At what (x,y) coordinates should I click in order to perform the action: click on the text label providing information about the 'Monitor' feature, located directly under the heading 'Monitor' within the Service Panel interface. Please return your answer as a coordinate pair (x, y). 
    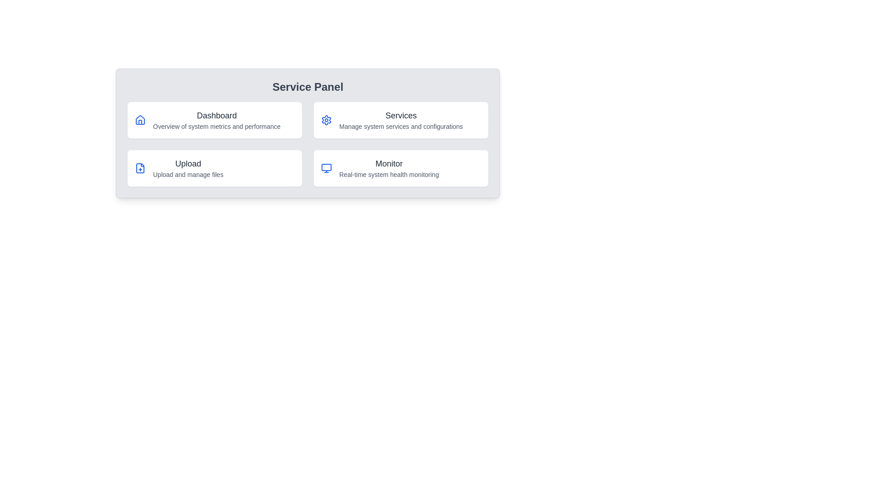
    Looking at the image, I should click on (389, 175).